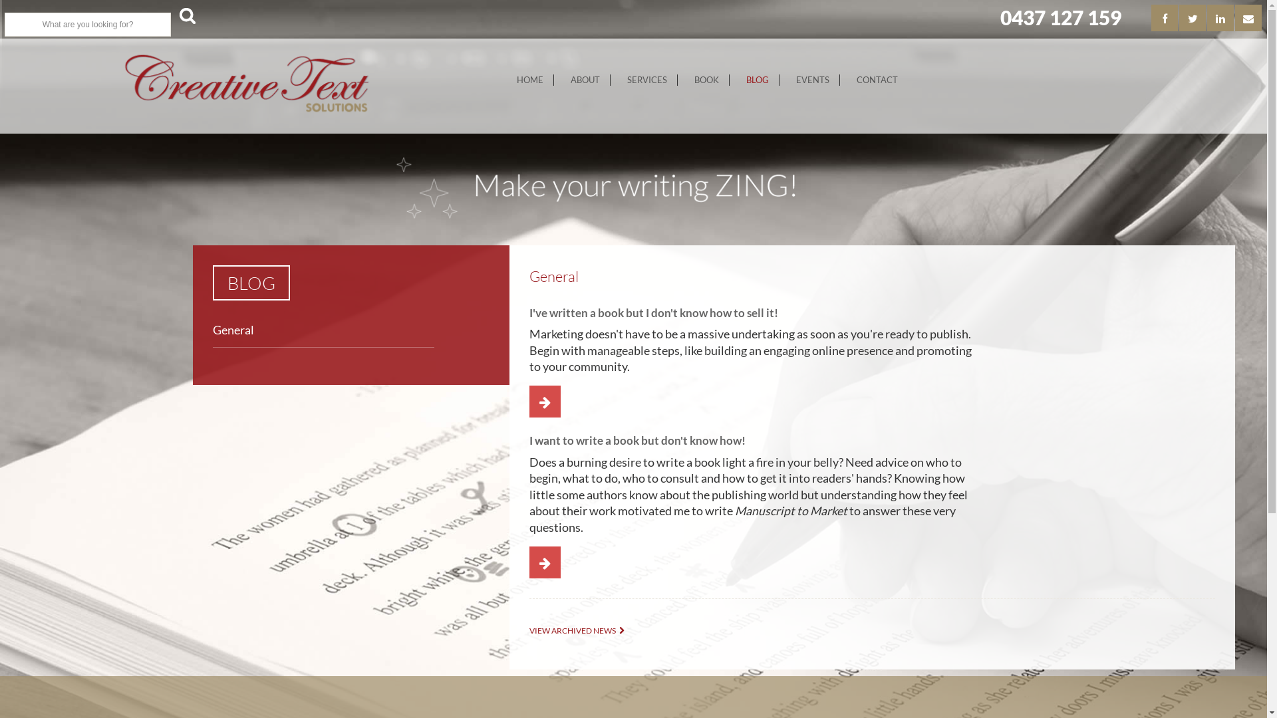 This screenshot has height=718, width=1277. Describe the element at coordinates (785, 80) in the screenshot. I see `'EVENTS'` at that location.